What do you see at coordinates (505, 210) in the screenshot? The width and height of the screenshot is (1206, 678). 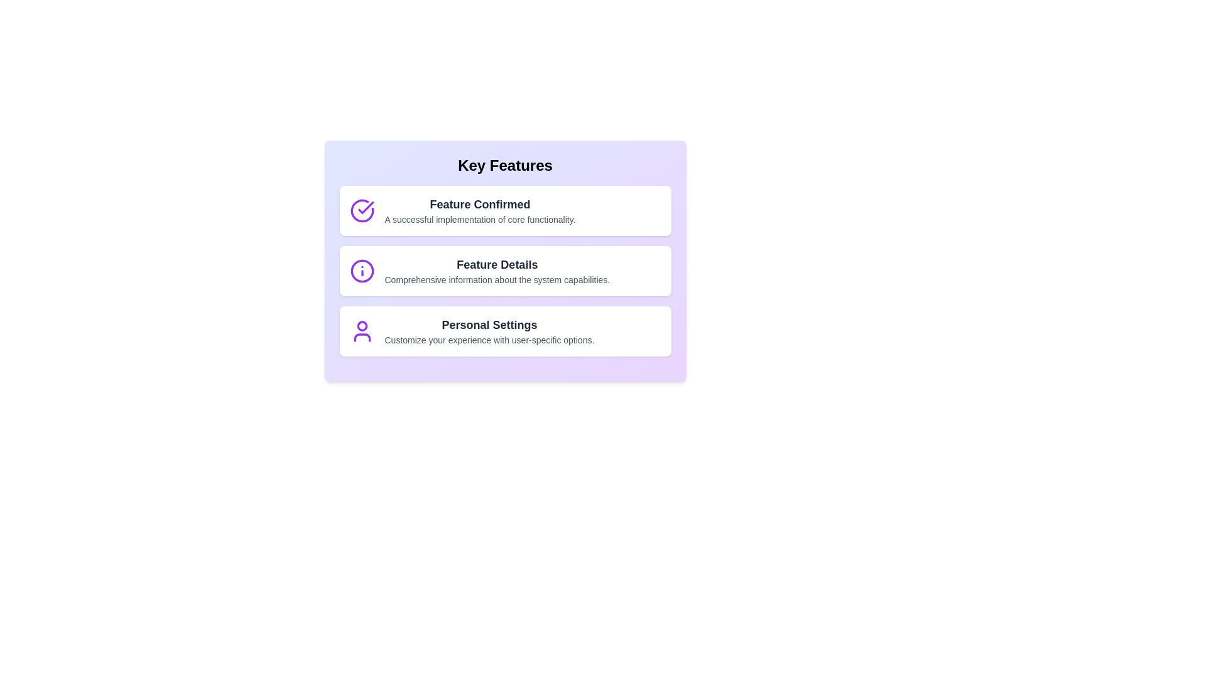 I see `the text content of Feature Confirmed feature` at bounding box center [505, 210].